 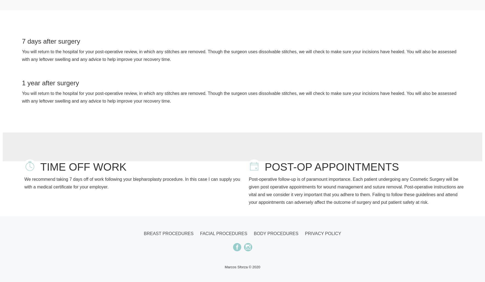 I want to click on 'TIME OFF WORK', so click(x=83, y=167).